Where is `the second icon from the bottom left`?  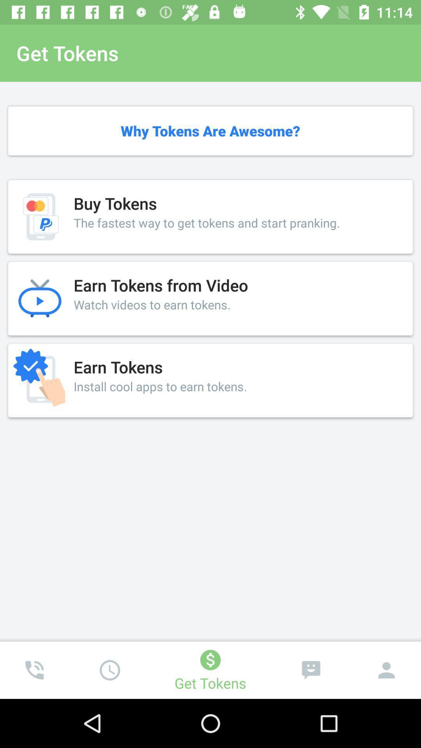
the second icon from the bottom left is located at coordinates (110, 670).